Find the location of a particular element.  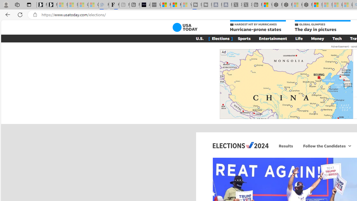

'Nordace - Summer Adventures 2024' is located at coordinates (287, 5).